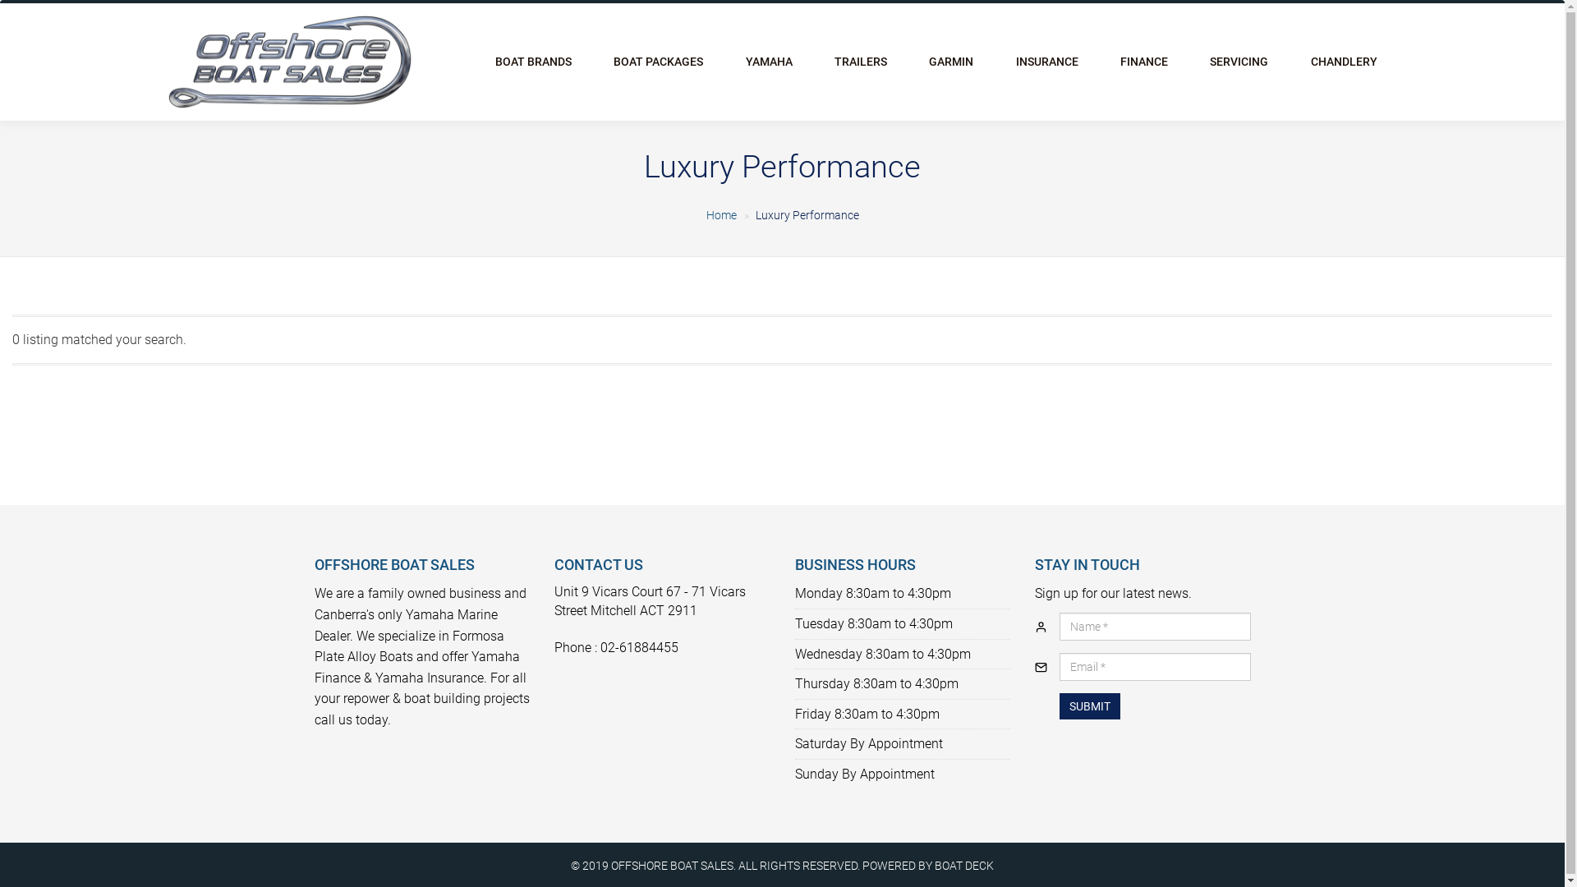 The width and height of the screenshot is (1577, 887). Describe the element at coordinates (951, 61) in the screenshot. I see `'GARMIN'` at that location.